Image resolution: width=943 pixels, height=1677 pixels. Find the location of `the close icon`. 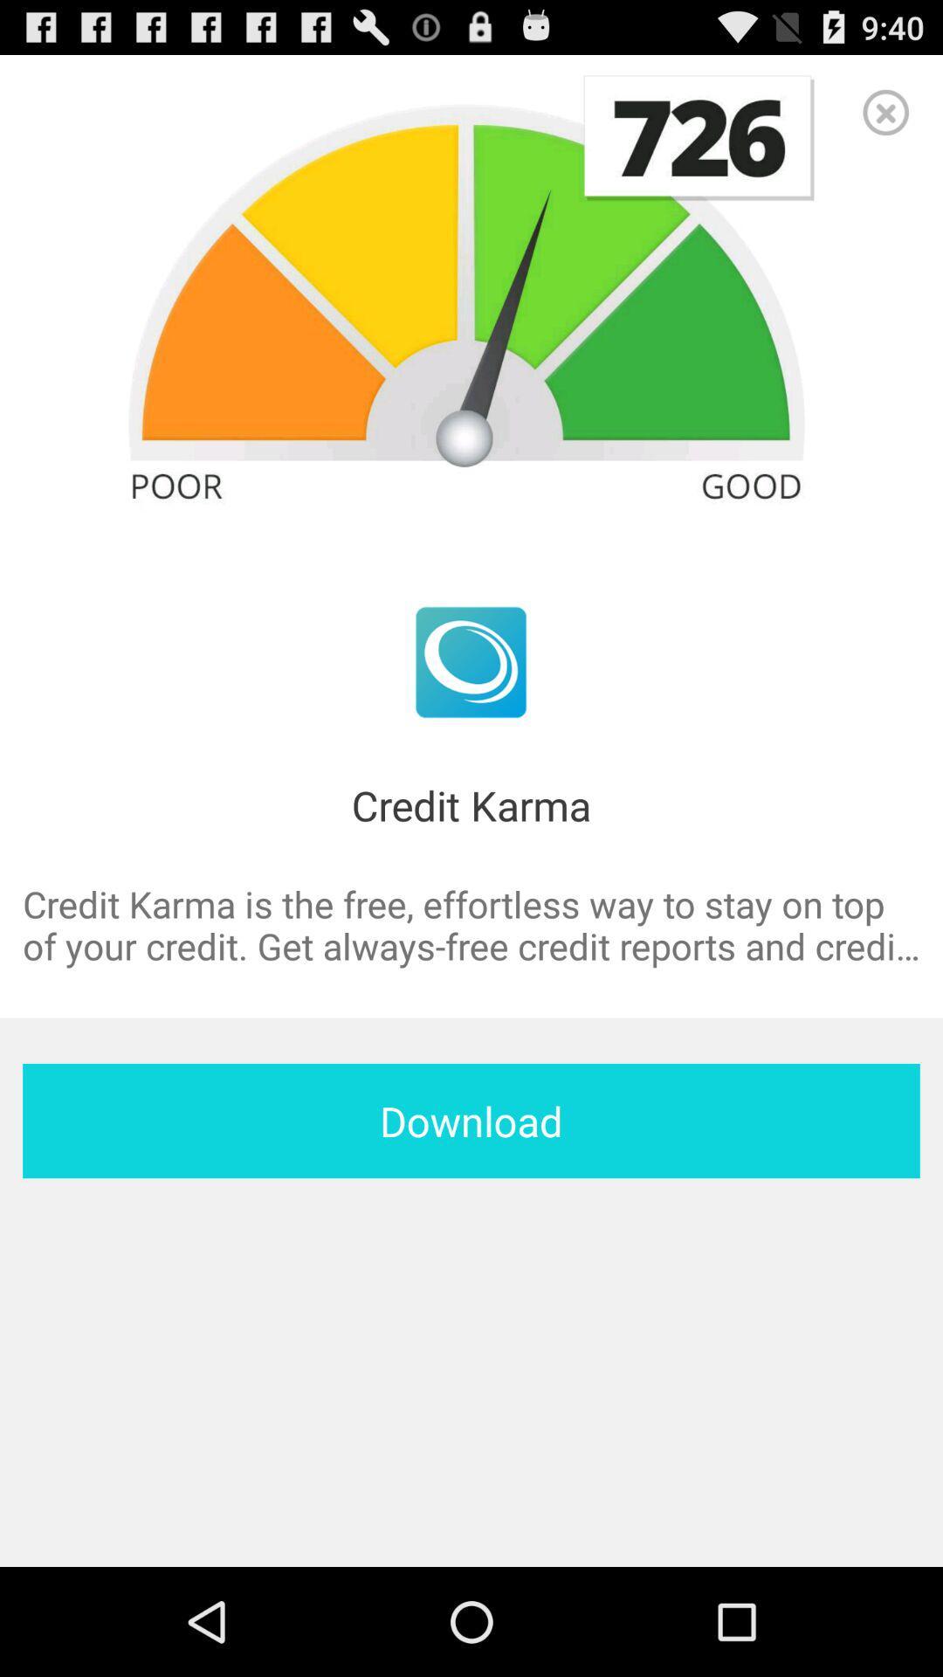

the close icon is located at coordinates (885, 119).